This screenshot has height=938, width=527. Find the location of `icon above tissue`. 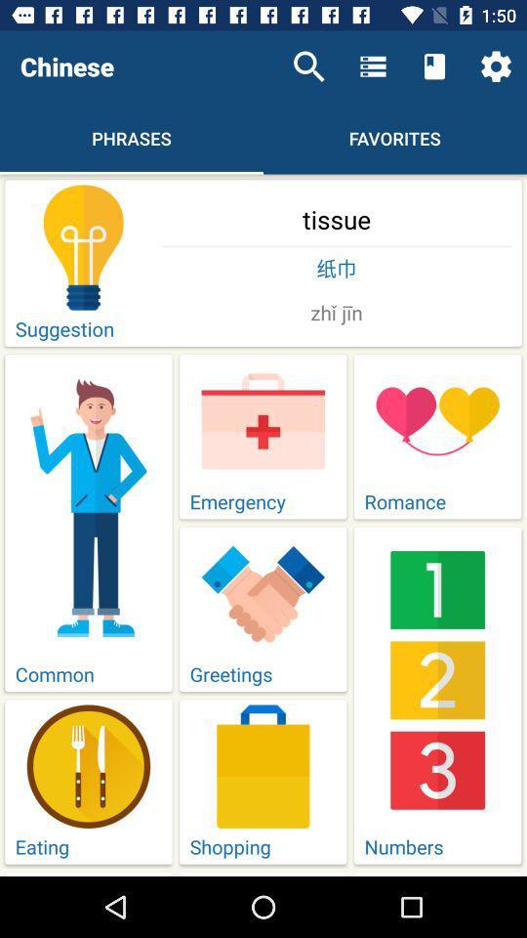

icon above tissue is located at coordinates (496, 66).